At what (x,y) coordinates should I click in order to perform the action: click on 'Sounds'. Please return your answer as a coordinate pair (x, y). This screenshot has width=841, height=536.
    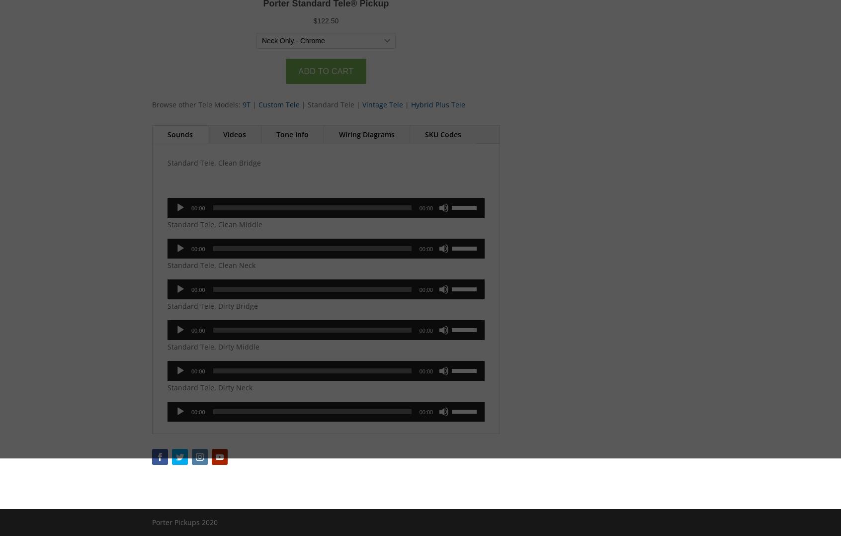
    Looking at the image, I should click on (167, 134).